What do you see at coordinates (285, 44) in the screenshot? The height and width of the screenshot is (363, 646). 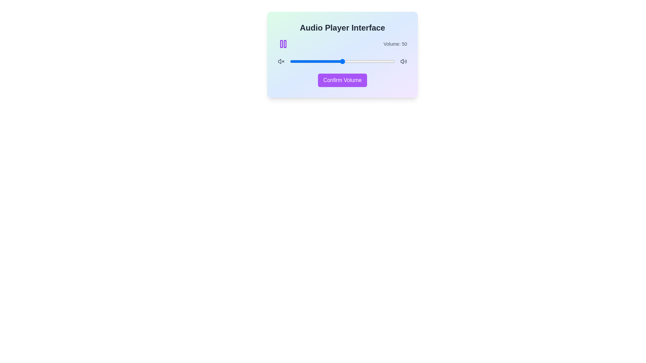 I see `the pause button icon located in the top-left corner of the audio control card` at bounding box center [285, 44].